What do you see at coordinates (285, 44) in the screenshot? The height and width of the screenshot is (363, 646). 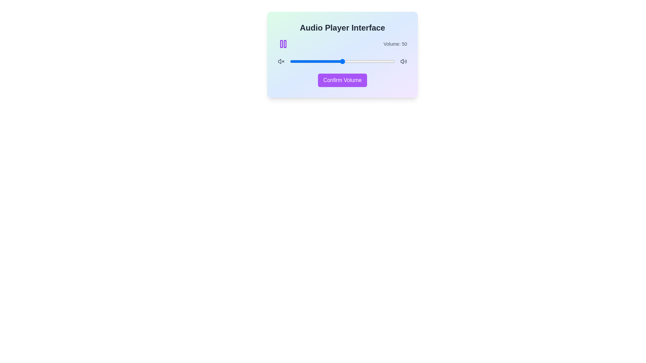 I see `the pause button icon located in the top-left corner of the audio control card` at bounding box center [285, 44].